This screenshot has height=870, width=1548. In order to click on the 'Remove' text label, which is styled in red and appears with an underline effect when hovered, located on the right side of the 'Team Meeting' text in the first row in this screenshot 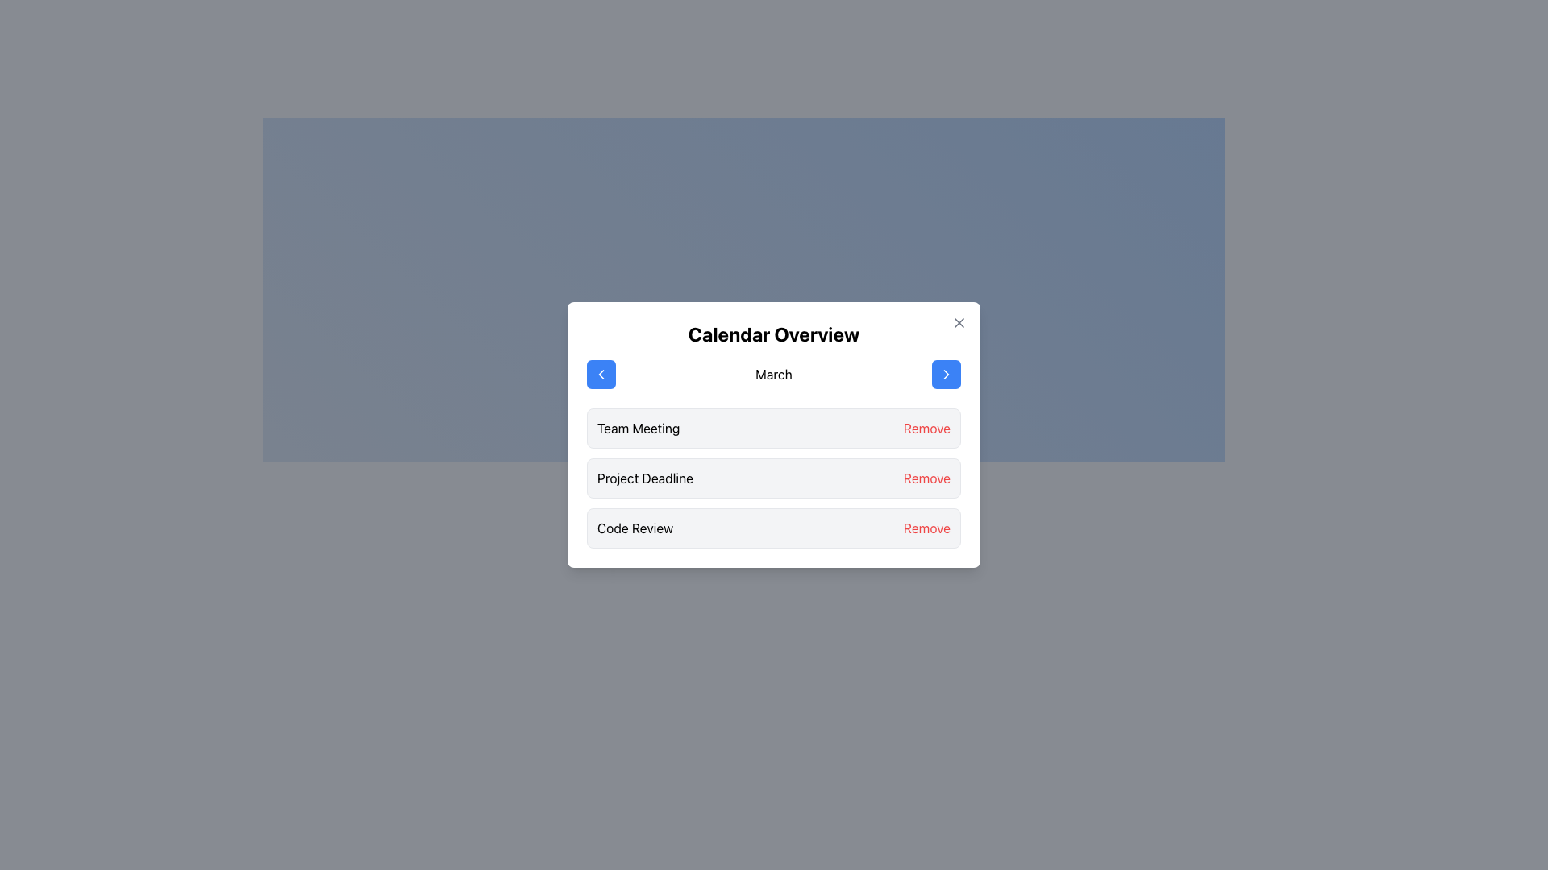, I will do `click(926, 428)`.